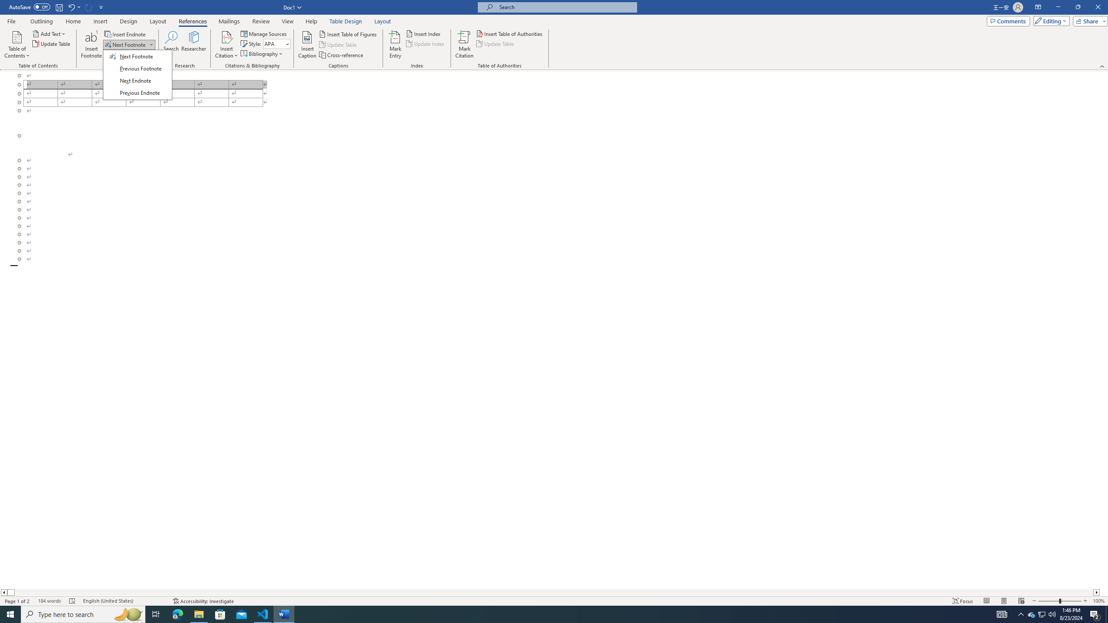  Describe the element at coordinates (284, 613) in the screenshot. I see `'Word - 1 running window'` at that location.